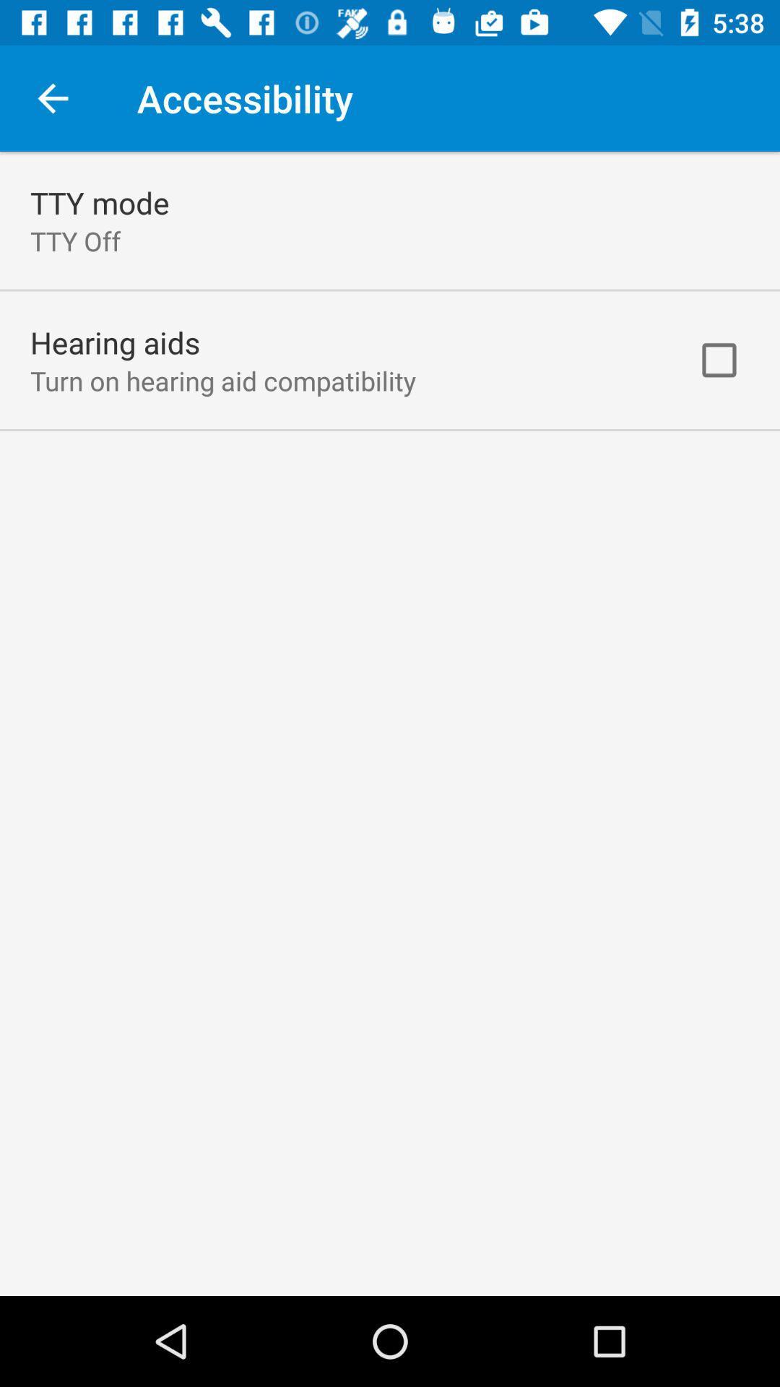 The width and height of the screenshot is (780, 1387). I want to click on item at the center, so click(390, 724).